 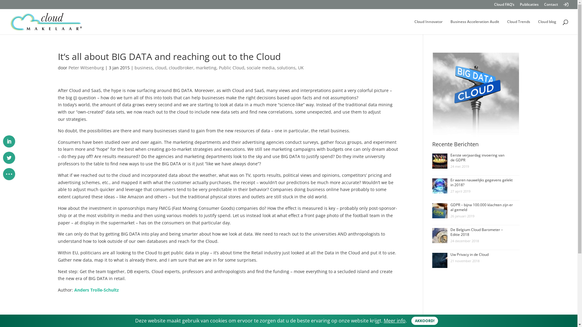 What do you see at coordinates (143, 68) in the screenshot?
I see `'business'` at bounding box center [143, 68].